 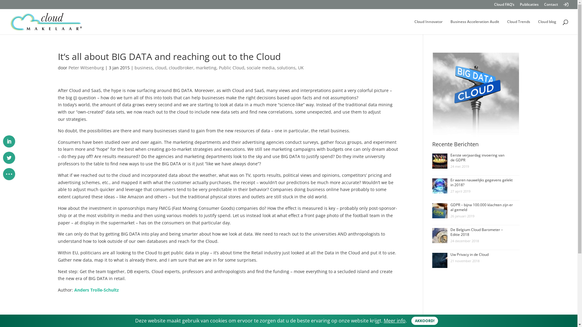 What do you see at coordinates (143, 68) in the screenshot?
I see `'business'` at bounding box center [143, 68].